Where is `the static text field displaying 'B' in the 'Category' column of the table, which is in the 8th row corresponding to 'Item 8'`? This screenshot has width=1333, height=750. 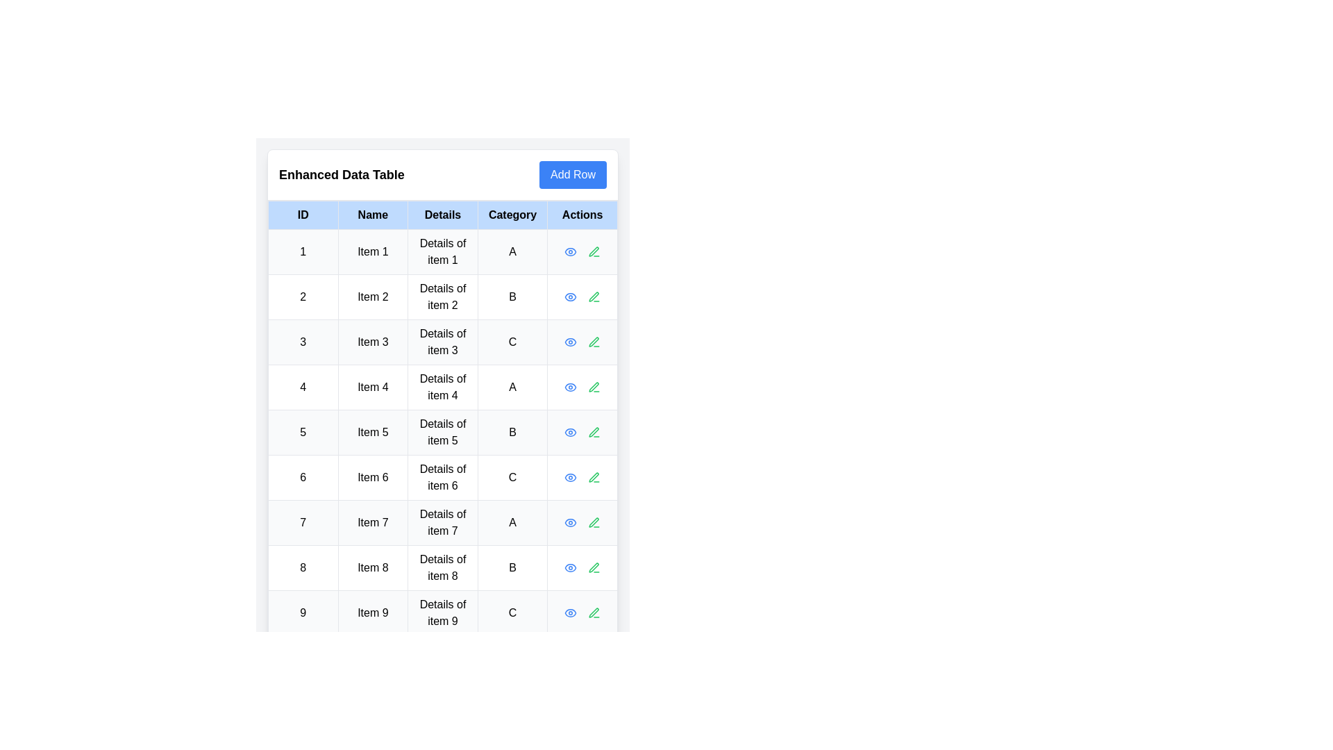 the static text field displaying 'B' in the 'Category' column of the table, which is in the 8th row corresponding to 'Item 8' is located at coordinates (512, 567).